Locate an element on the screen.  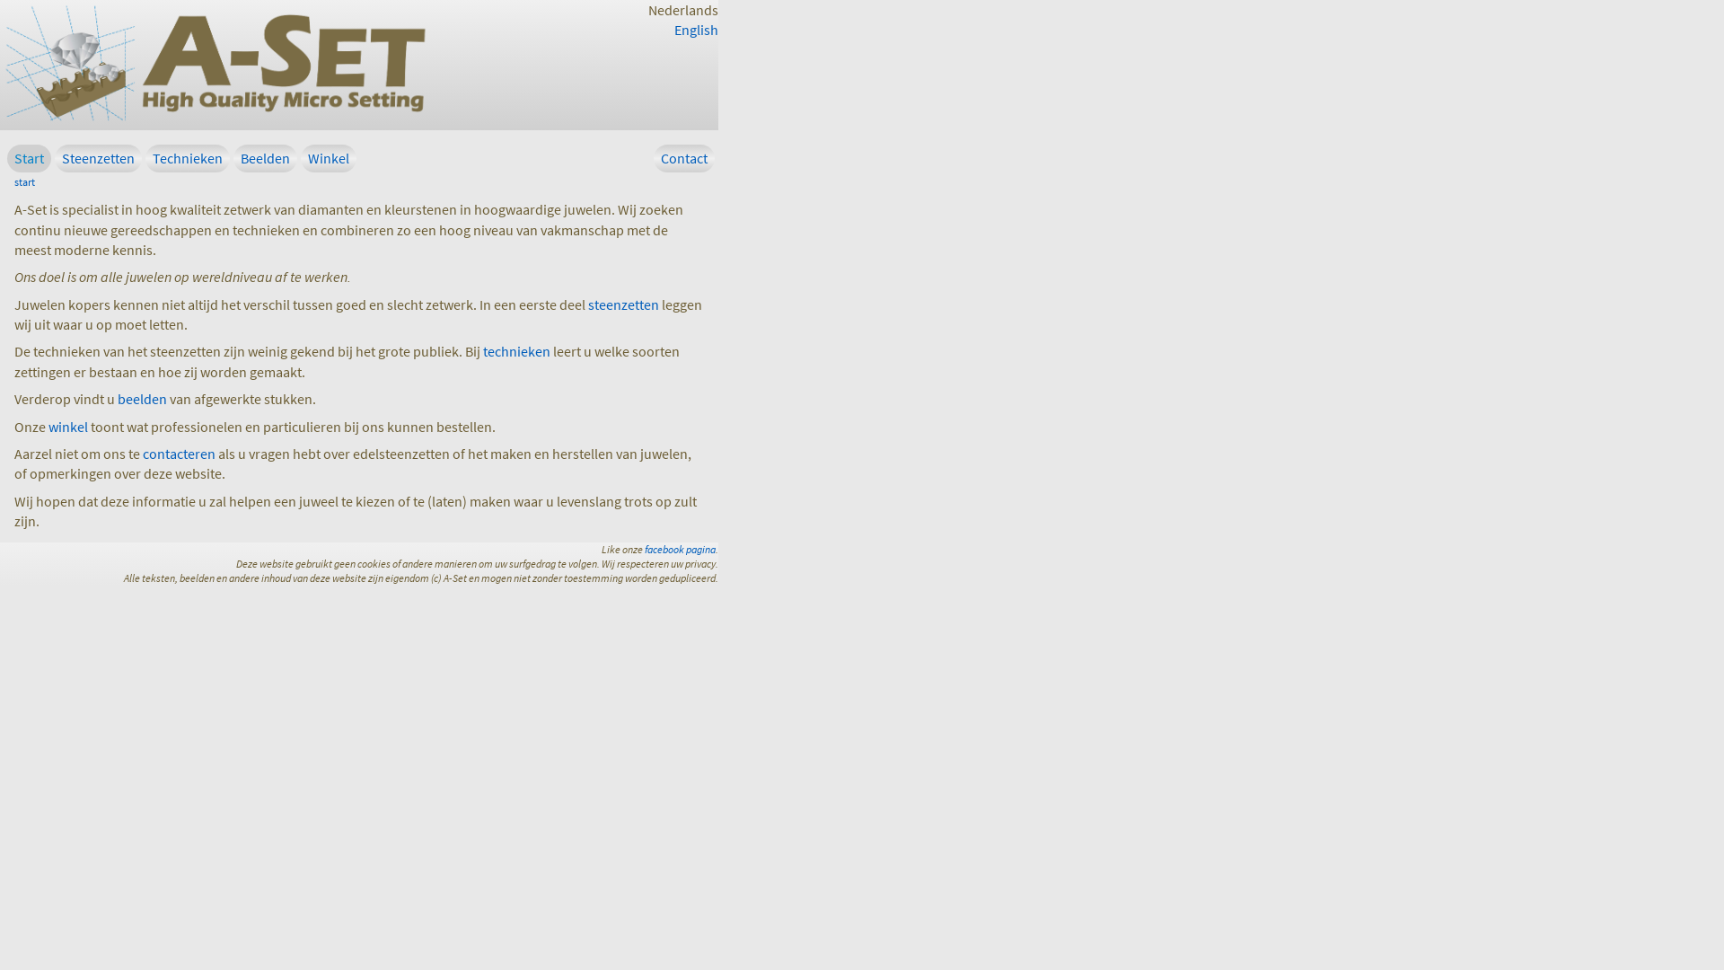
'winkel' is located at coordinates (68, 426).